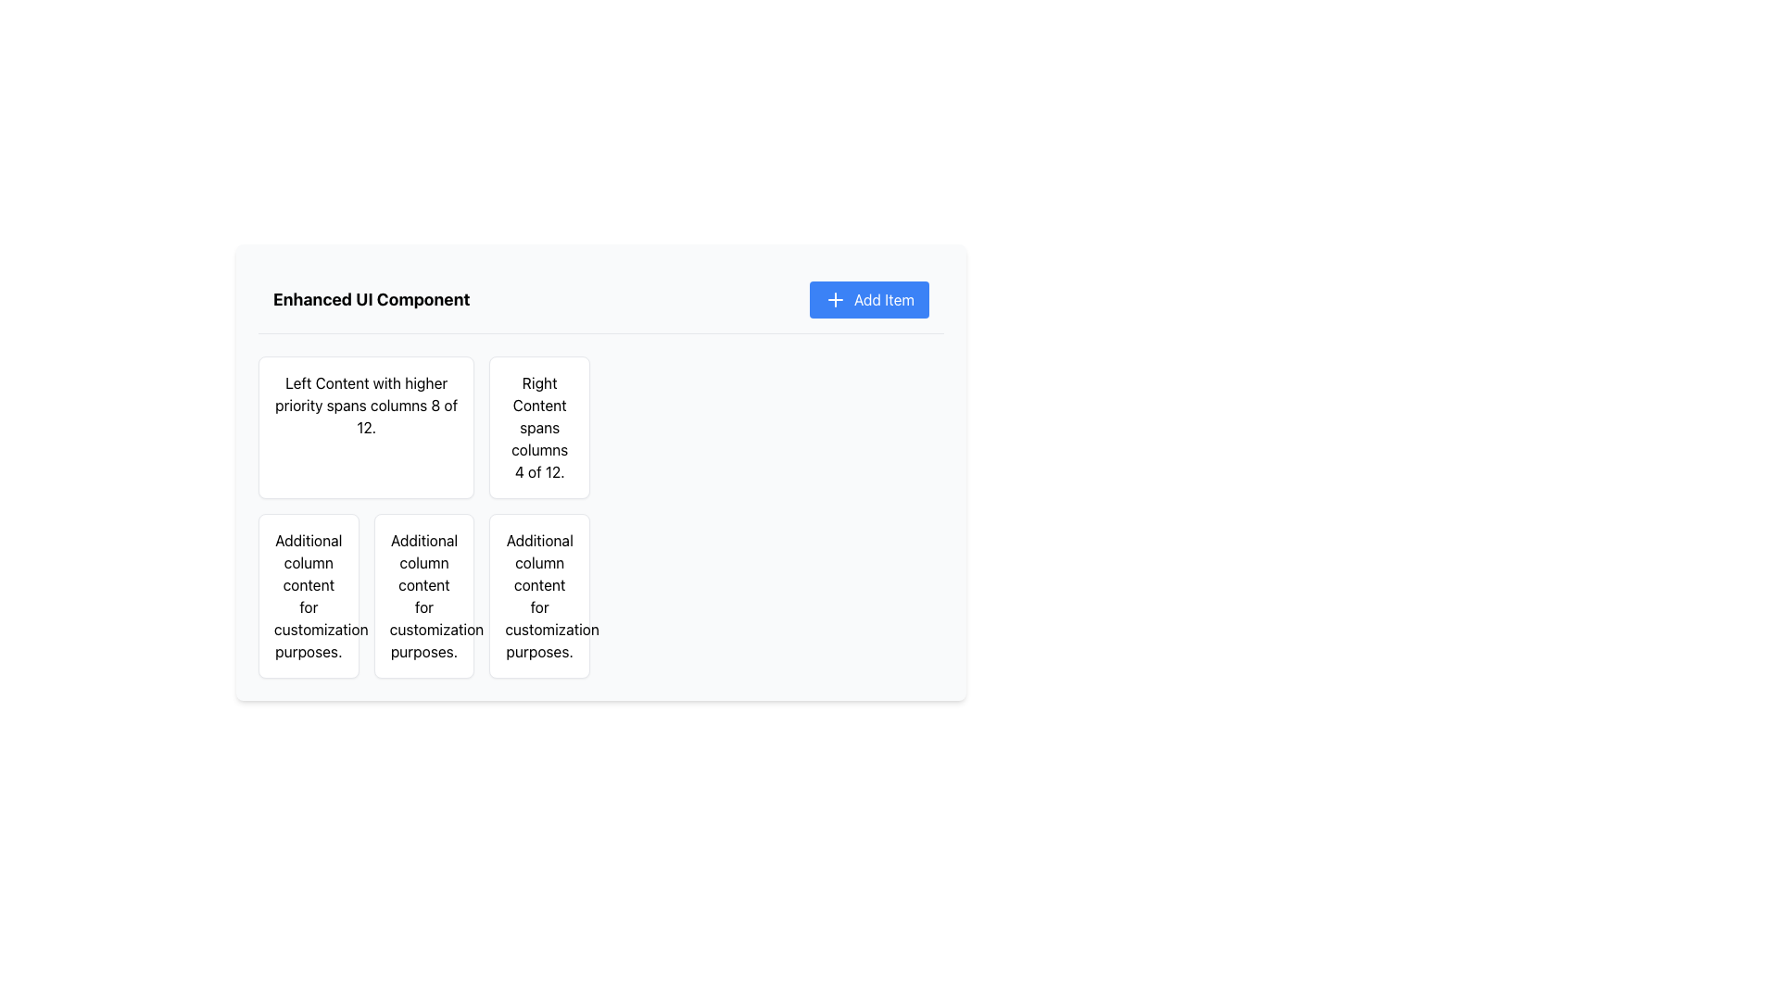 The width and height of the screenshot is (1779, 1000). Describe the element at coordinates (868, 299) in the screenshot. I see `the 'Add Item' button, which is a rectangular button with a blue background, white text, and a plus (+) symbol, located` at that location.